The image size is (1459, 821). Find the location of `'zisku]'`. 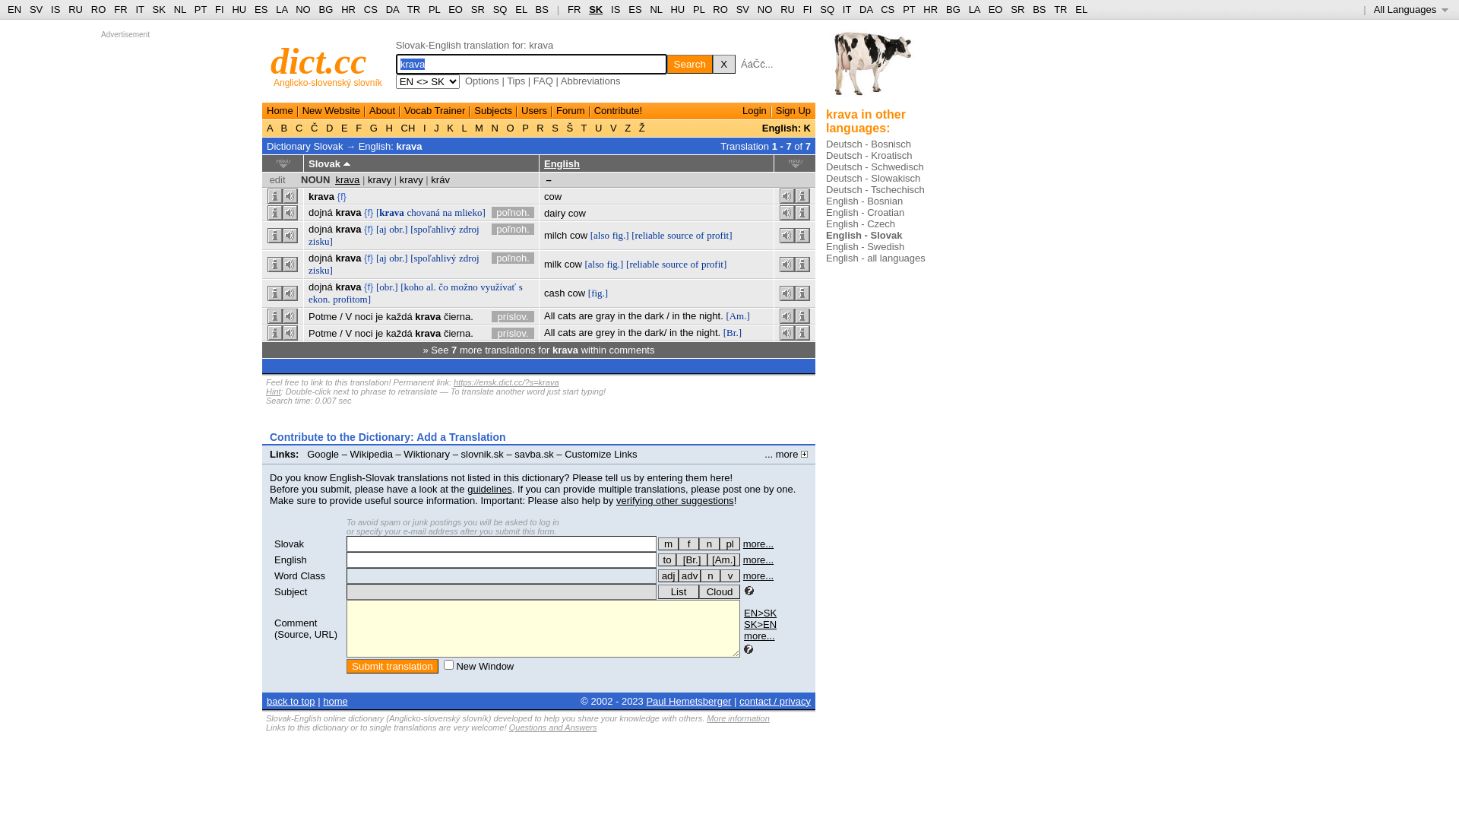

'zisku]' is located at coordinates (320, 240).